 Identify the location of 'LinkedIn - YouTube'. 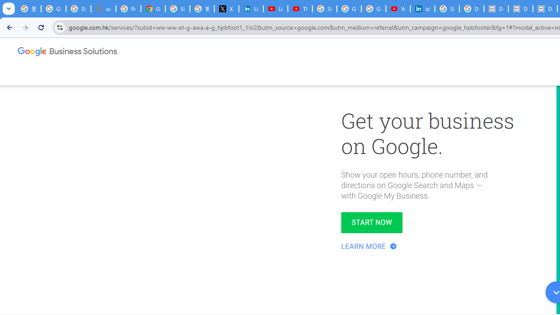
(275, 9).